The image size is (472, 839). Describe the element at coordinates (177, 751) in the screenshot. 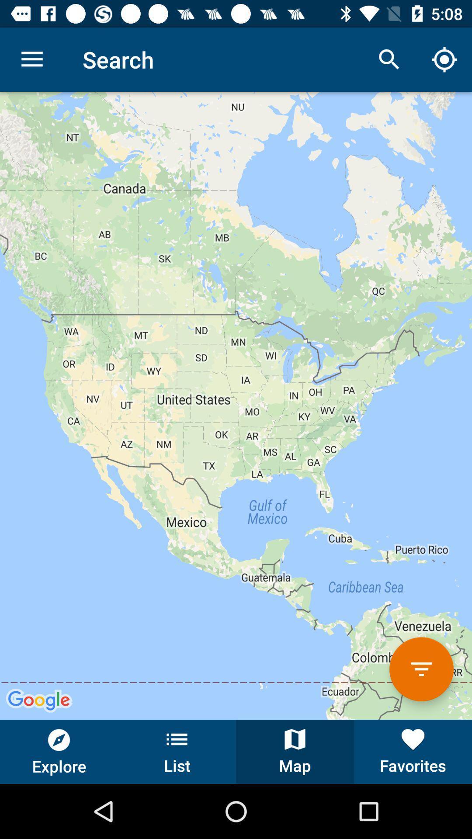

I see `the button to the right of the explore icon` at that location.